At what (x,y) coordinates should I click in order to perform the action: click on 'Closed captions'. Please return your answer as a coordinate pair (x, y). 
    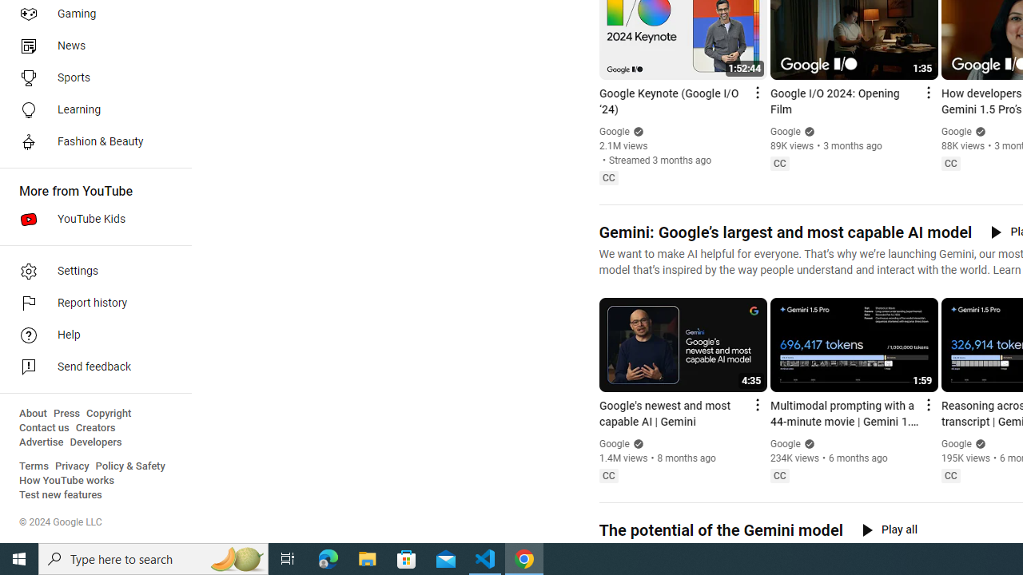
    Looking at the image, I should click on (950, 474).